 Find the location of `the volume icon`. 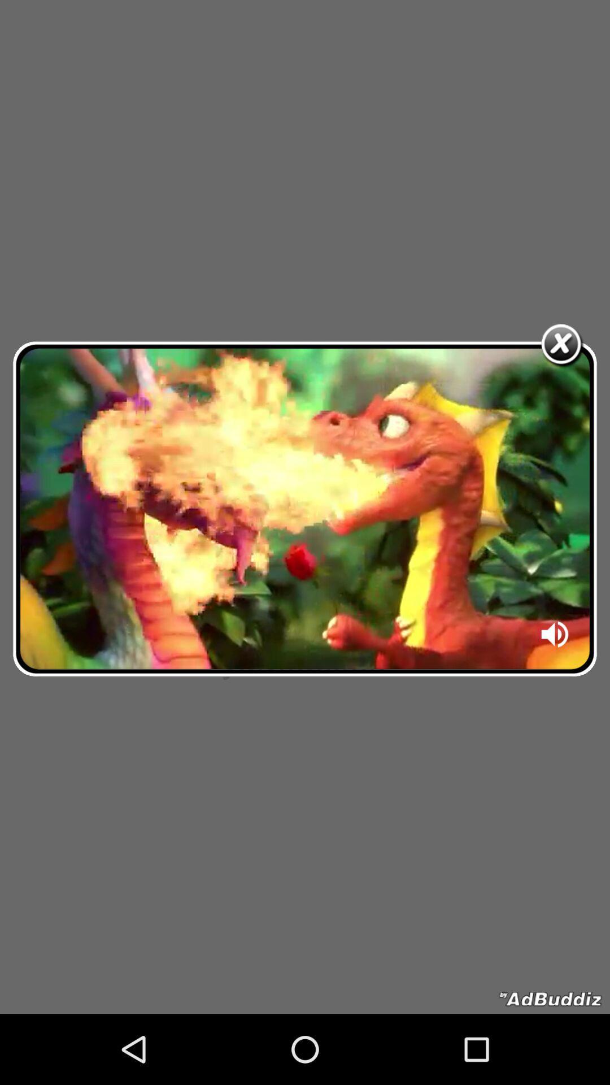

the volume icon is located at coordinates (555, 638).